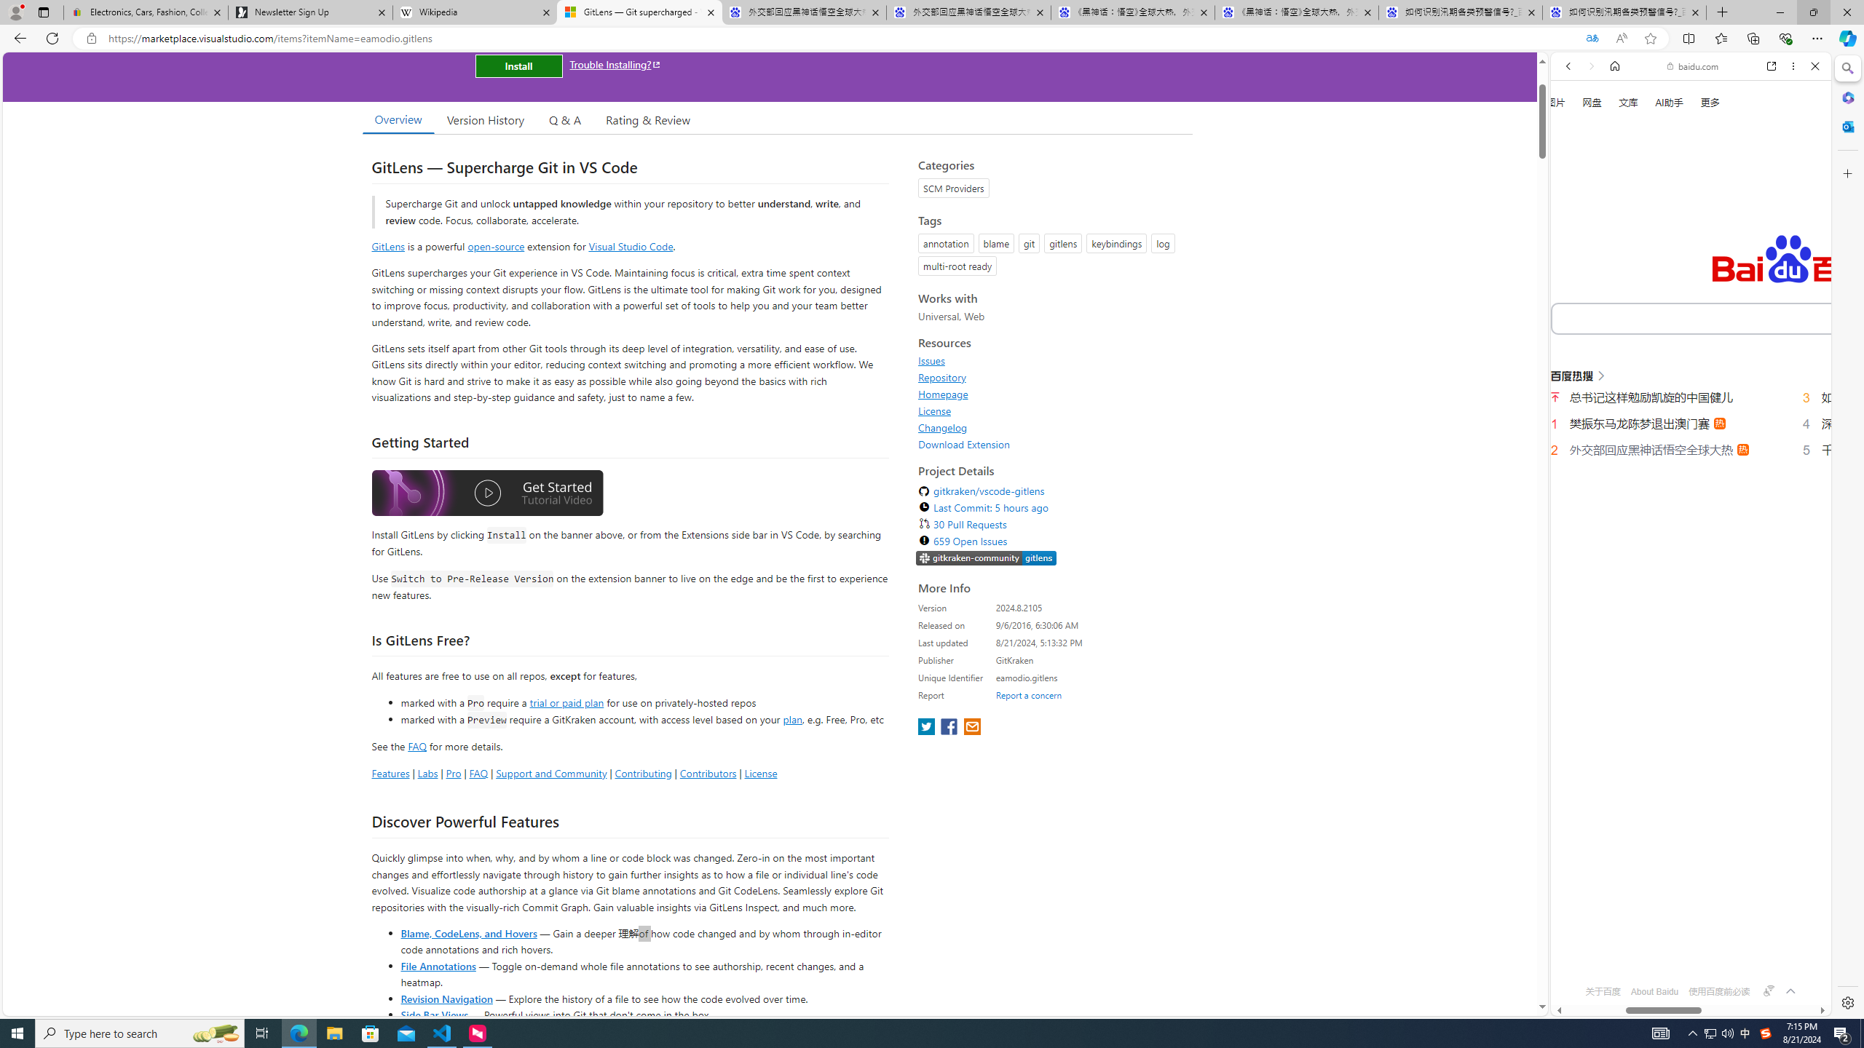  Describe the element at coordinates (484, 119) in the screenshot. I see `'Version History'` at that location.